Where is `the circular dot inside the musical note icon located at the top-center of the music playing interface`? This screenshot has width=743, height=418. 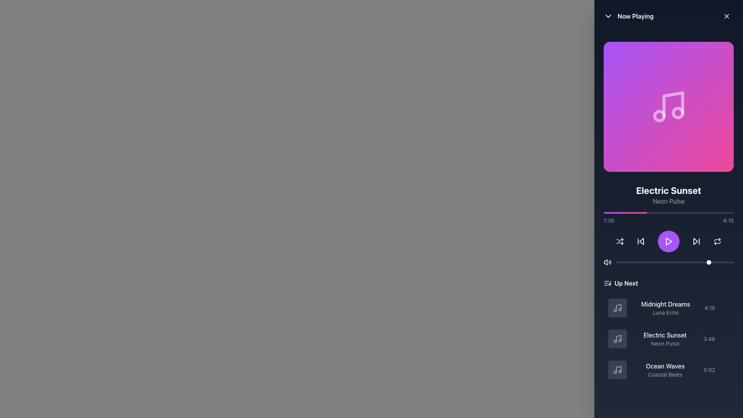 the circular dot inside the musical note icon located at the top-center of the music playing interface is located at coordinates (678, 113).